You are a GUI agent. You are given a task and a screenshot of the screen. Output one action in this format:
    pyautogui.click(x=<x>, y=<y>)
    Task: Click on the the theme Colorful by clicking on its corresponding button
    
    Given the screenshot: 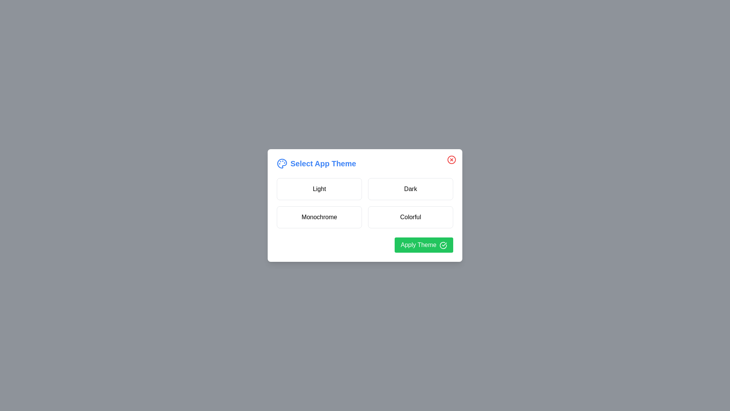 What is the action you would take?
    pyautogui.click(x=410, y=217)
    